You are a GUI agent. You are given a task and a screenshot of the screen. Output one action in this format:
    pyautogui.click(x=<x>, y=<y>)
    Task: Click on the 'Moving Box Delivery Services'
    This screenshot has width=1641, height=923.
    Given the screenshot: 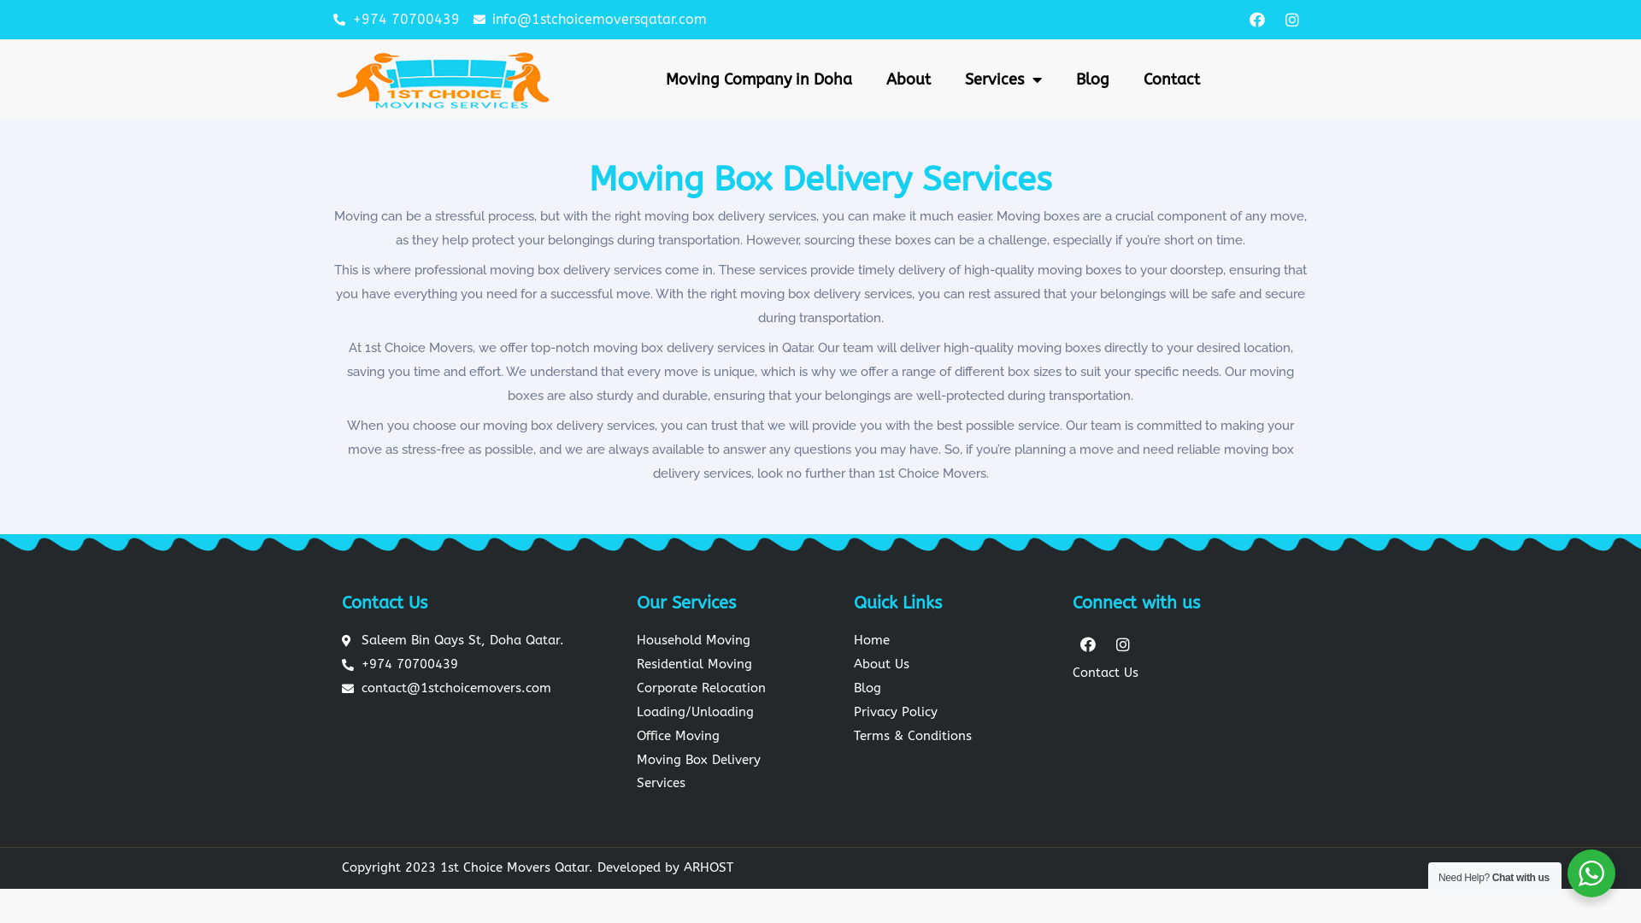 What is the action you would take?
    pyautogui.click(x=724, y=772)
    